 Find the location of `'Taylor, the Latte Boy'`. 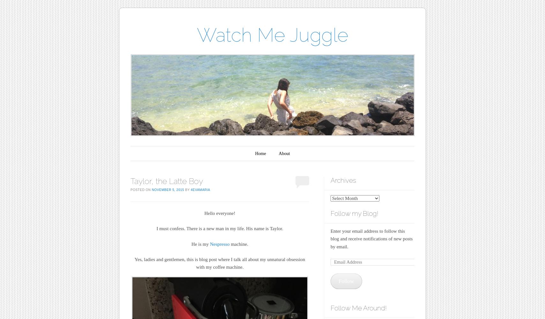

'Taylor, the Latte Boy' is located at coordinates (167, 181).